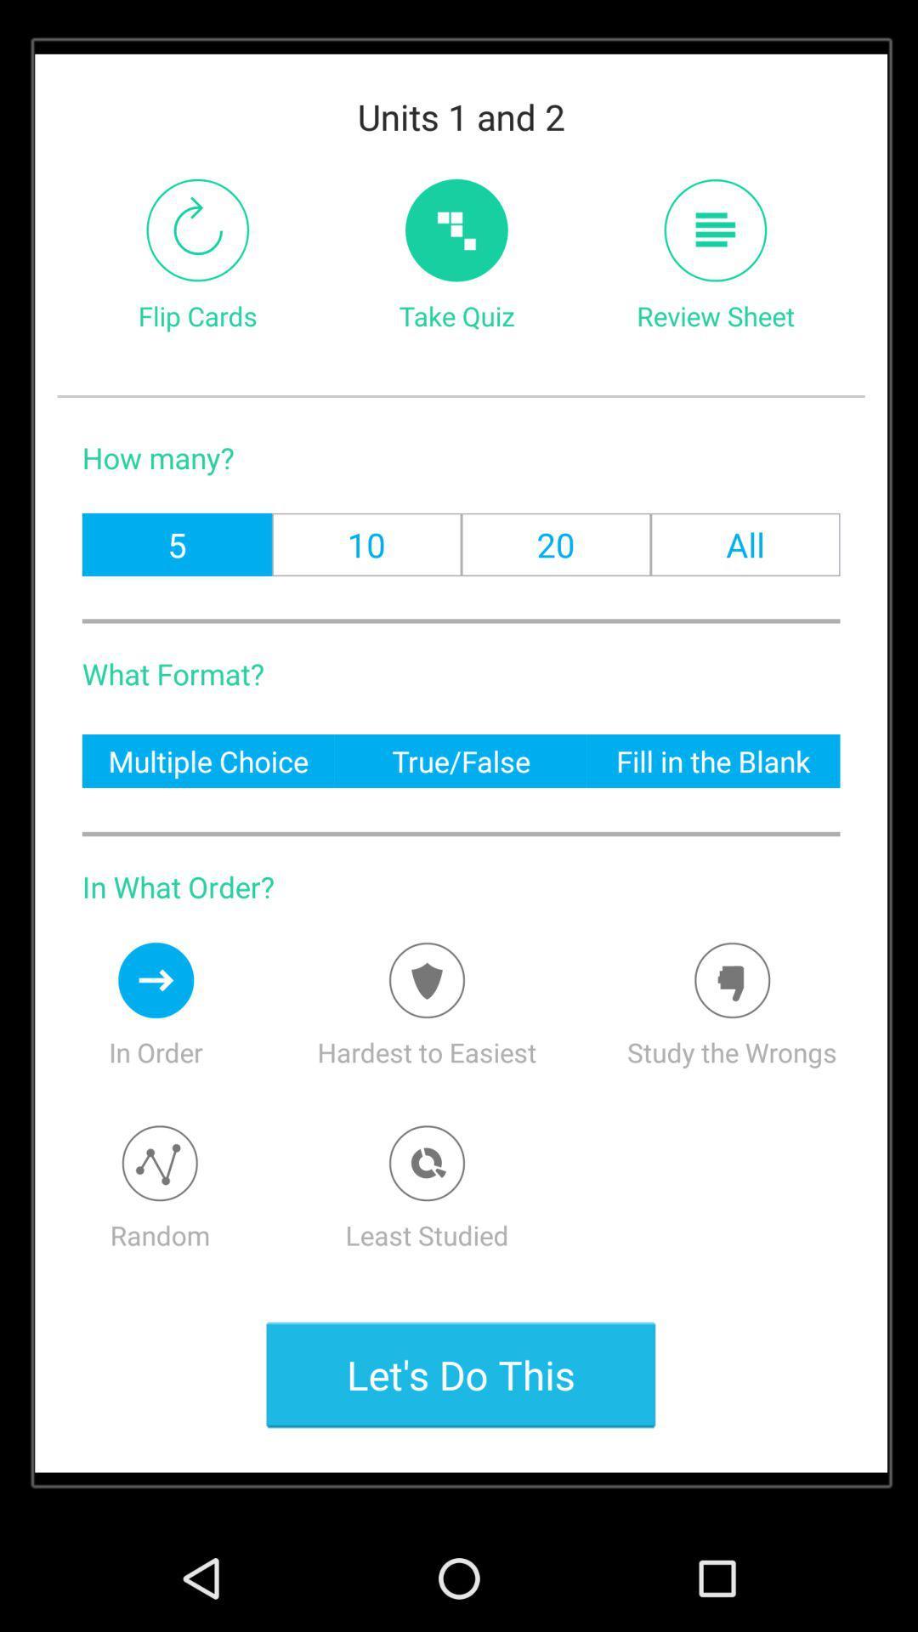 Image resolution: width=918 pixels, height=1632 pixels. I want to click on the let s do icon, so click(461, 1374).